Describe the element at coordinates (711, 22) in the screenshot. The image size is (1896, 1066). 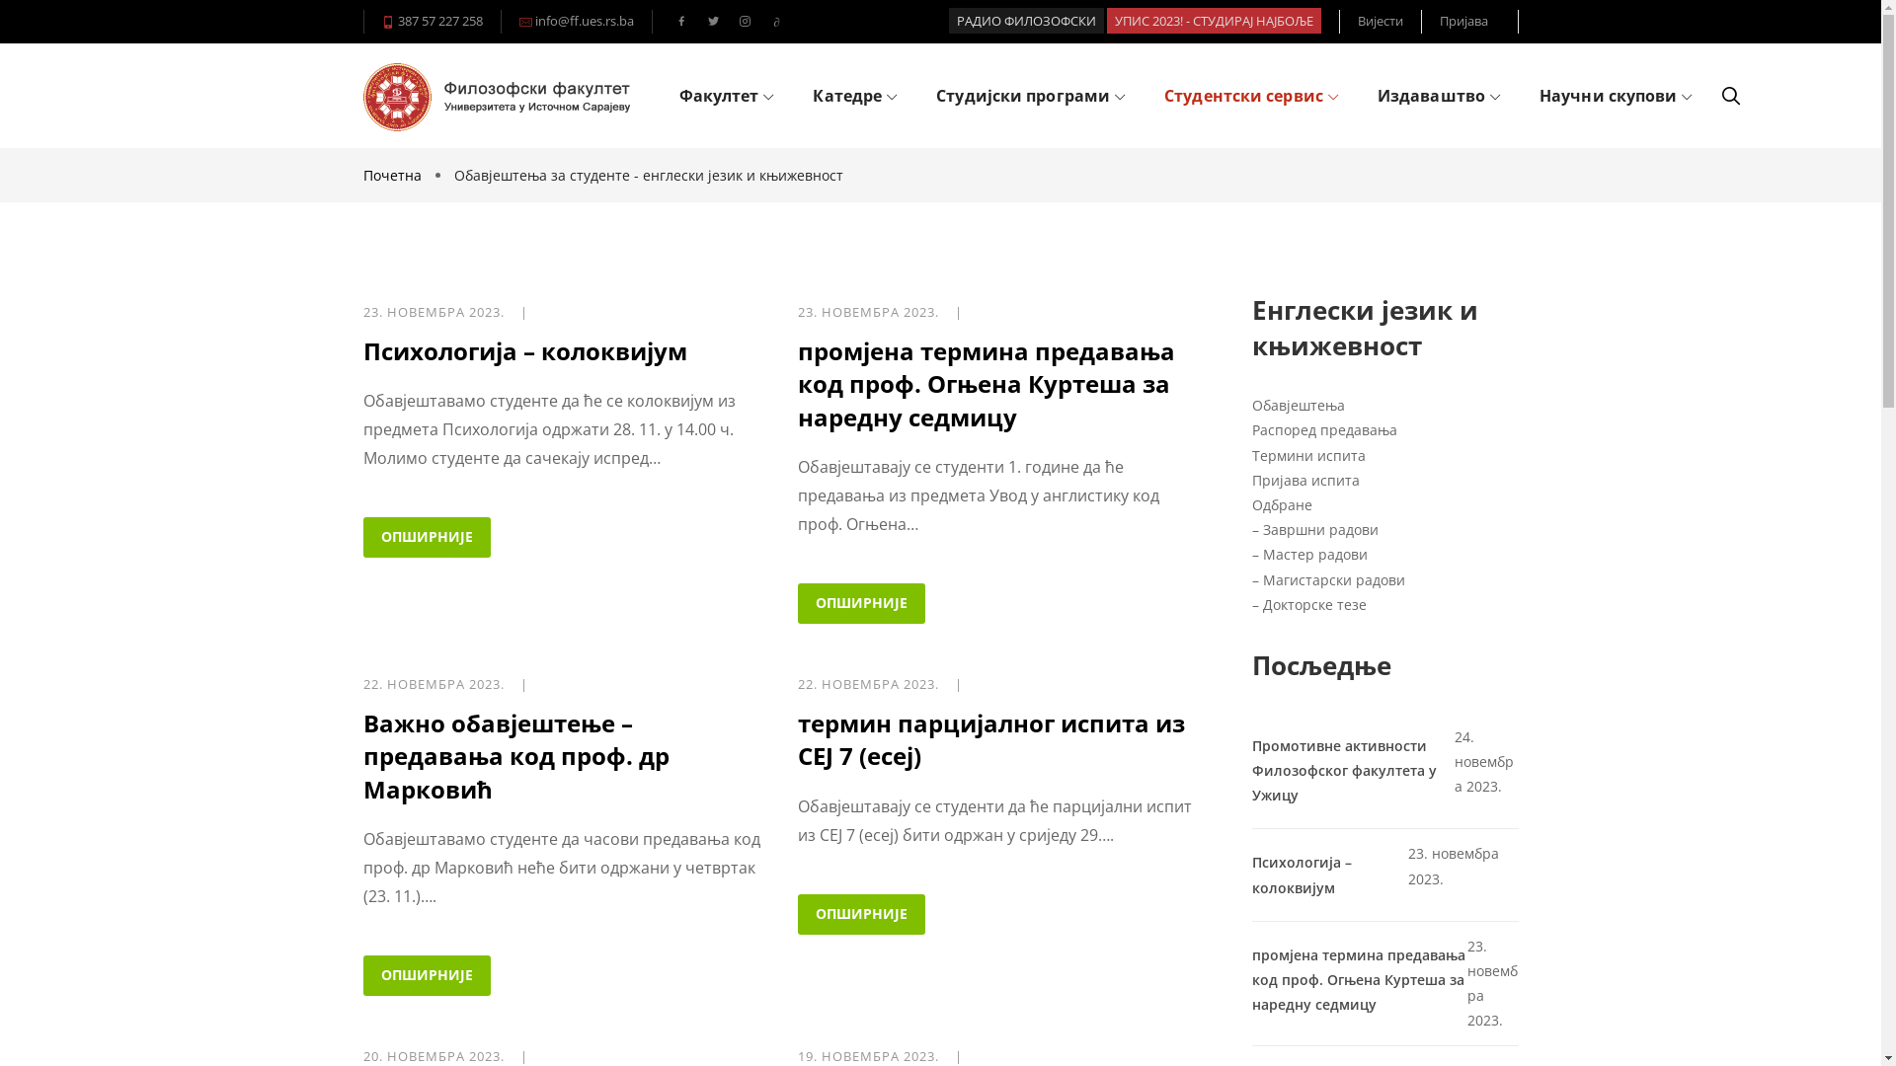
I see `'Twitter'` at that location.